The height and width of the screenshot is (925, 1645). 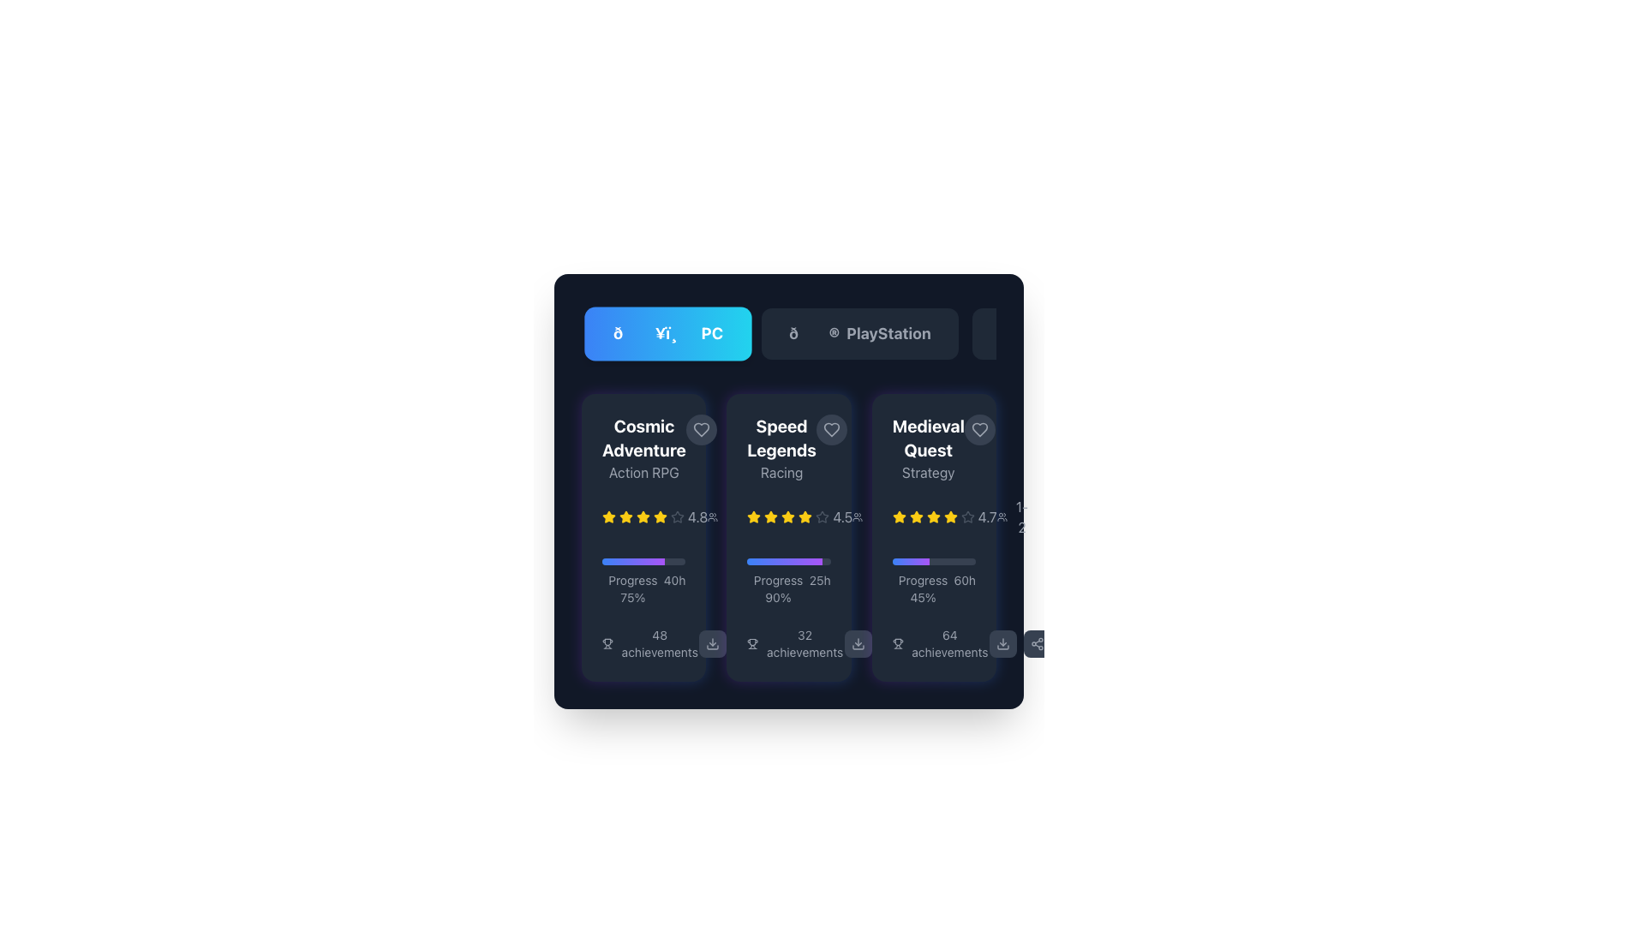 What do you see at coordinates (891, 644) in the screenshot?
I see `the share button located in the lower-right corner of the 'Medieval Quest' card, which is the second button in a horizontally aligned group, to initiate the sharing action` at bounding box center [891, 644].